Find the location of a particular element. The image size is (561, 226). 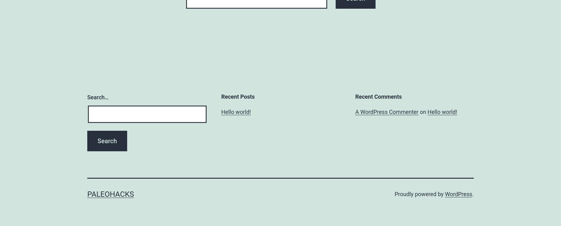

'.' is located at coordinates (473, 194).